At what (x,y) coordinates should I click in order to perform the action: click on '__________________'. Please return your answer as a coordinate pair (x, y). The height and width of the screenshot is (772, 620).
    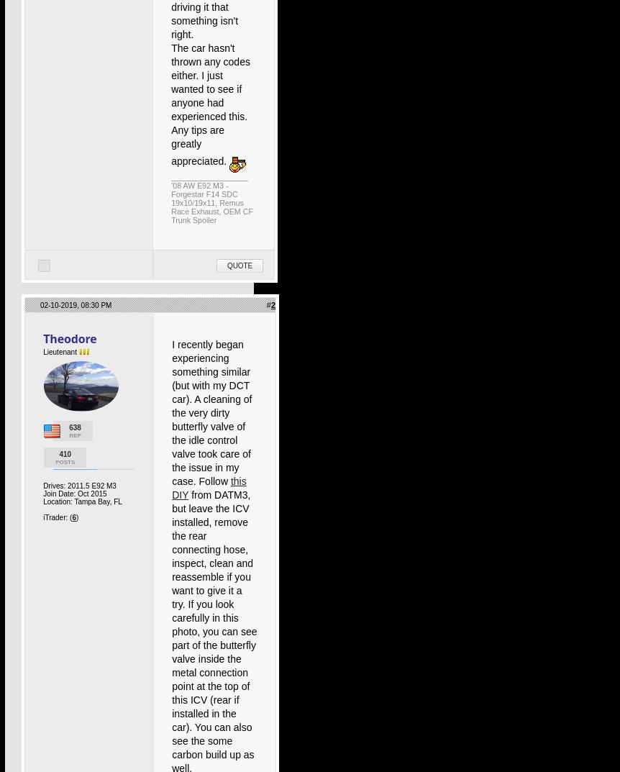
    Looking at the image, I should click on (170, 176).